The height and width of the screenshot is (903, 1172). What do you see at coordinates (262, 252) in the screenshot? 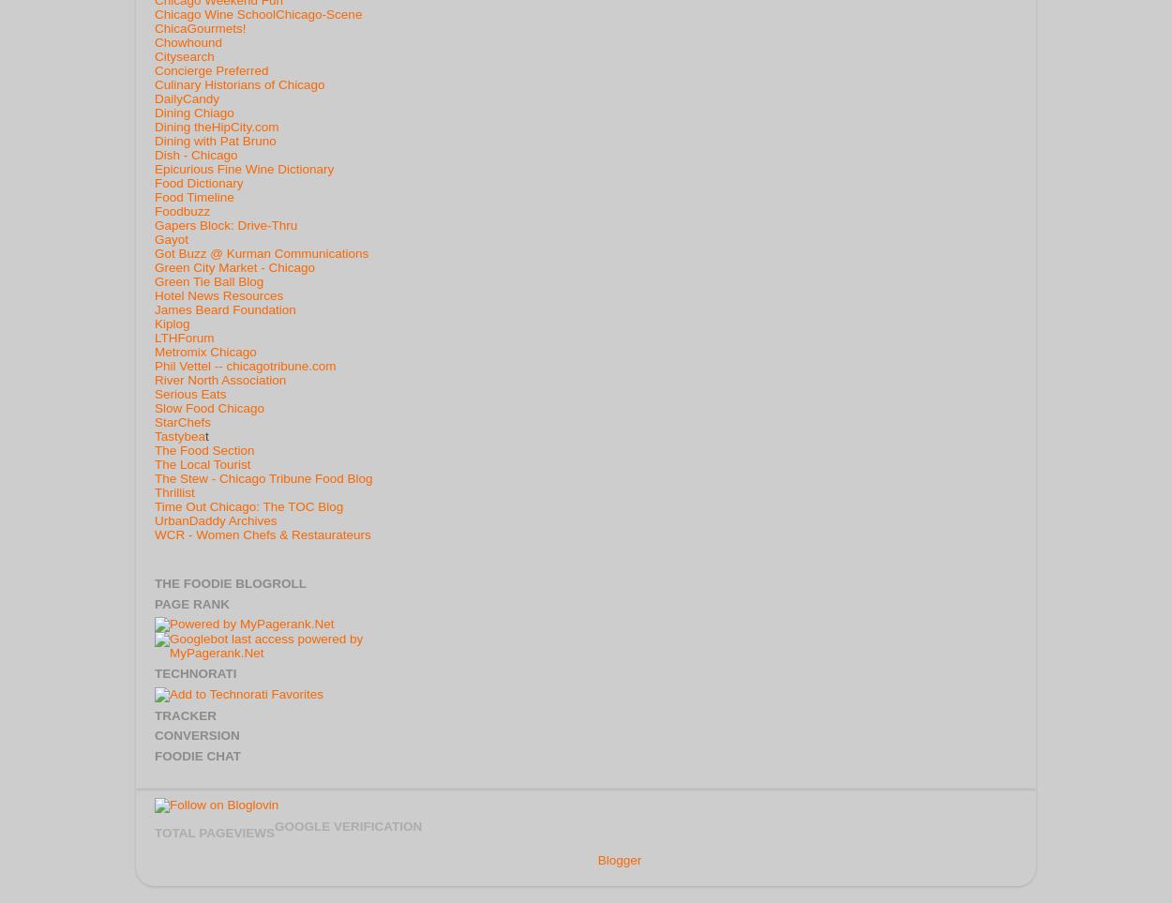
I see `'Got Buzz @ Kurman Communications'` at bounding box center [262, 252].